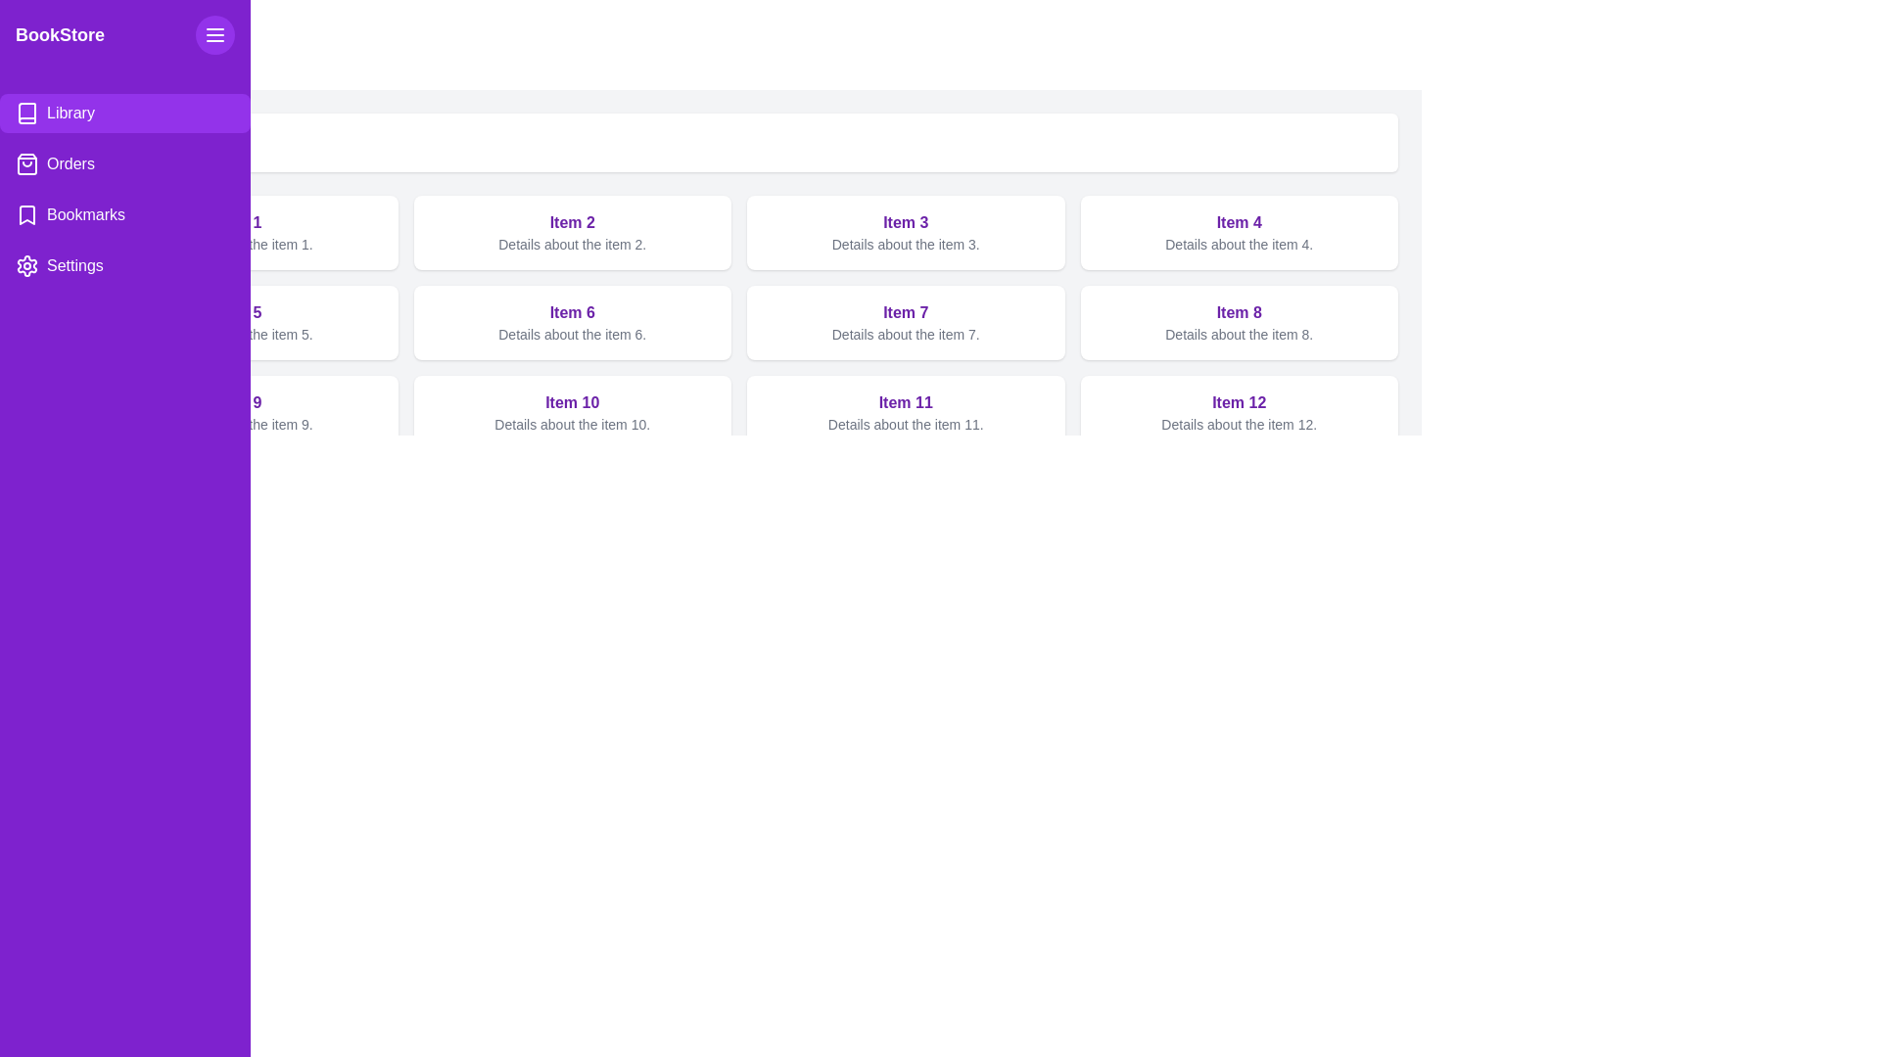 The image size is (1880, 1057). Describe the element at coordinates (27, 266) in the screenshot. I see `the Settings icon located in the sidebar menu` at that location.